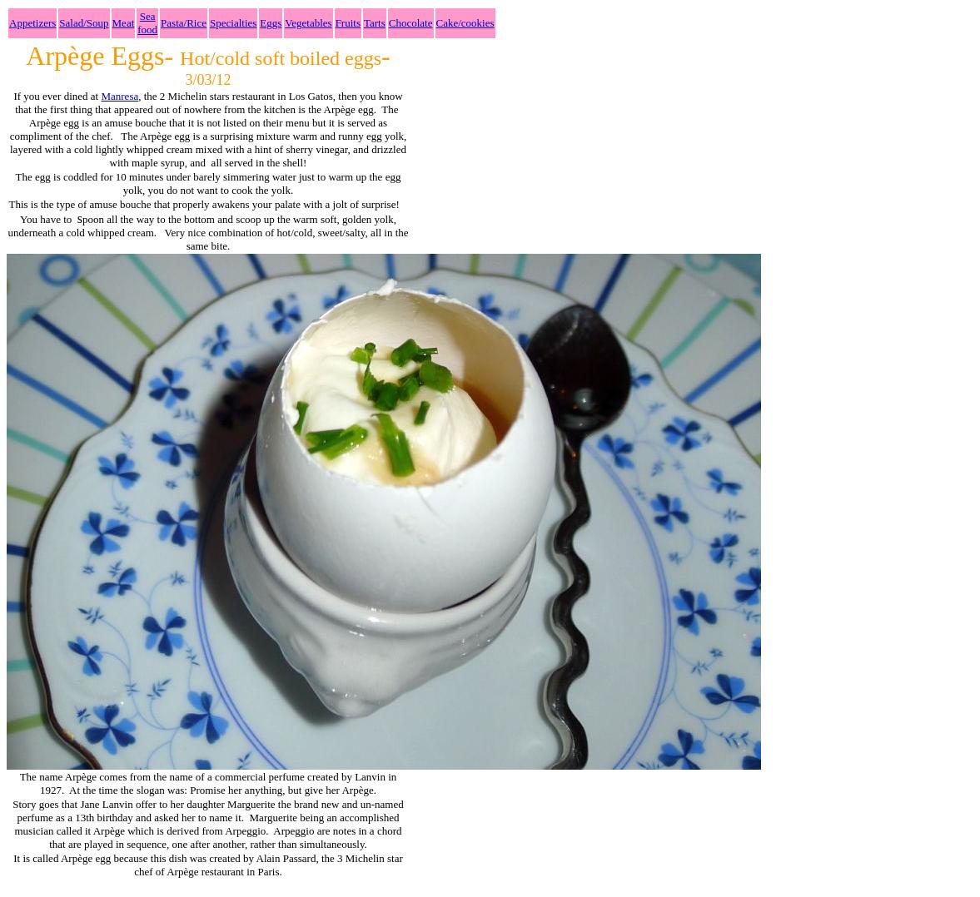  I want to click on 'Story goes that Jane Lanvin offer to her 
daughter Marguerite the brand new and un-named perfume as a 13th birthday and 
asked her to name it.  Marguerite being an accomplished musician called it 
Arpège which is derived from Arpeggio.  Arpeggio are notes in a chord that 
are played in sequence, one after another, rather than simultaneously.', so click(206, 824).